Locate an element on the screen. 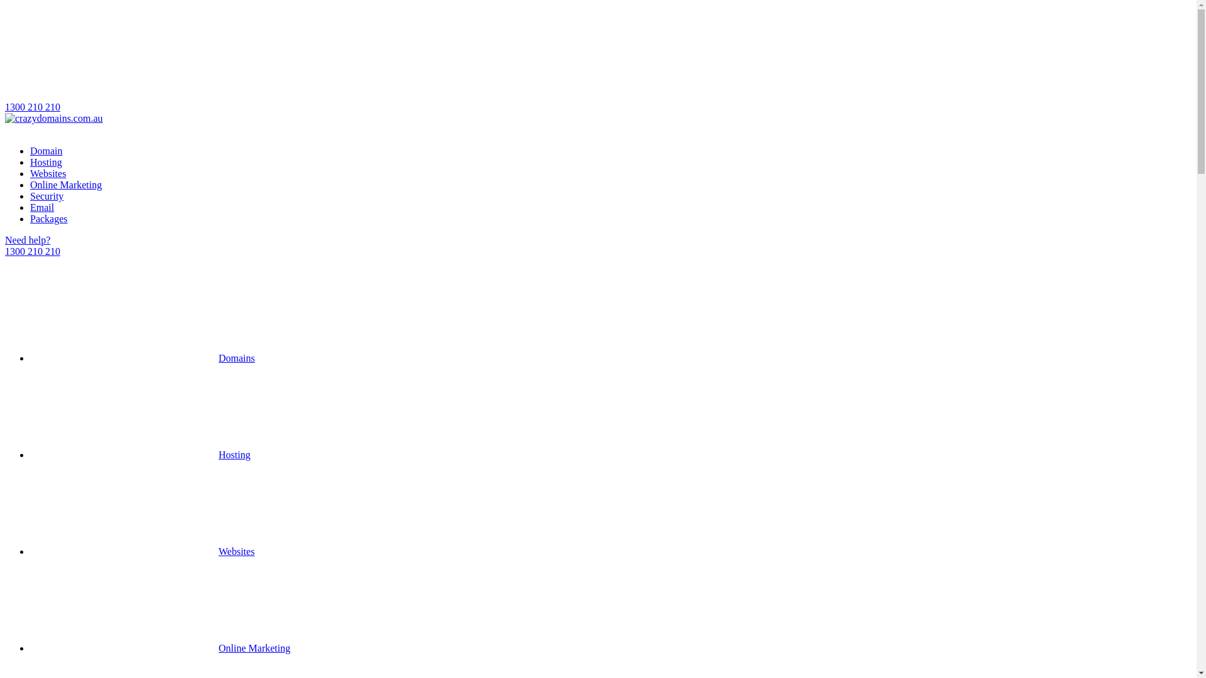 Image resolution: width=1206 pixels, height=678 pixels. 'Need help? is located at coordinates (597, 246).